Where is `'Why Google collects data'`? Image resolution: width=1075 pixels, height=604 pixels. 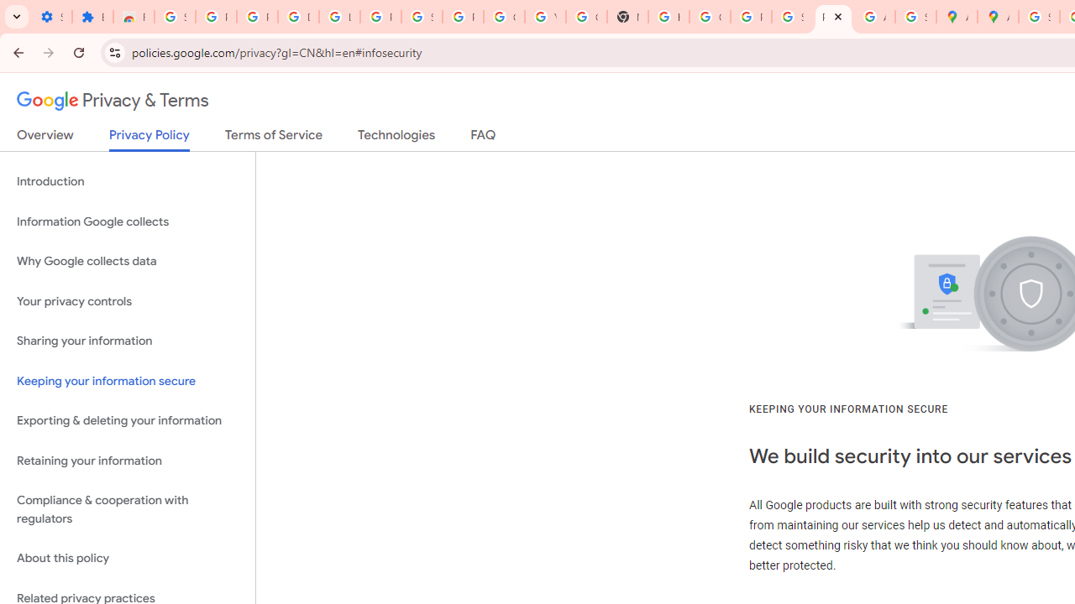
'Why Google collects data' is located at coordinates (127, 262).